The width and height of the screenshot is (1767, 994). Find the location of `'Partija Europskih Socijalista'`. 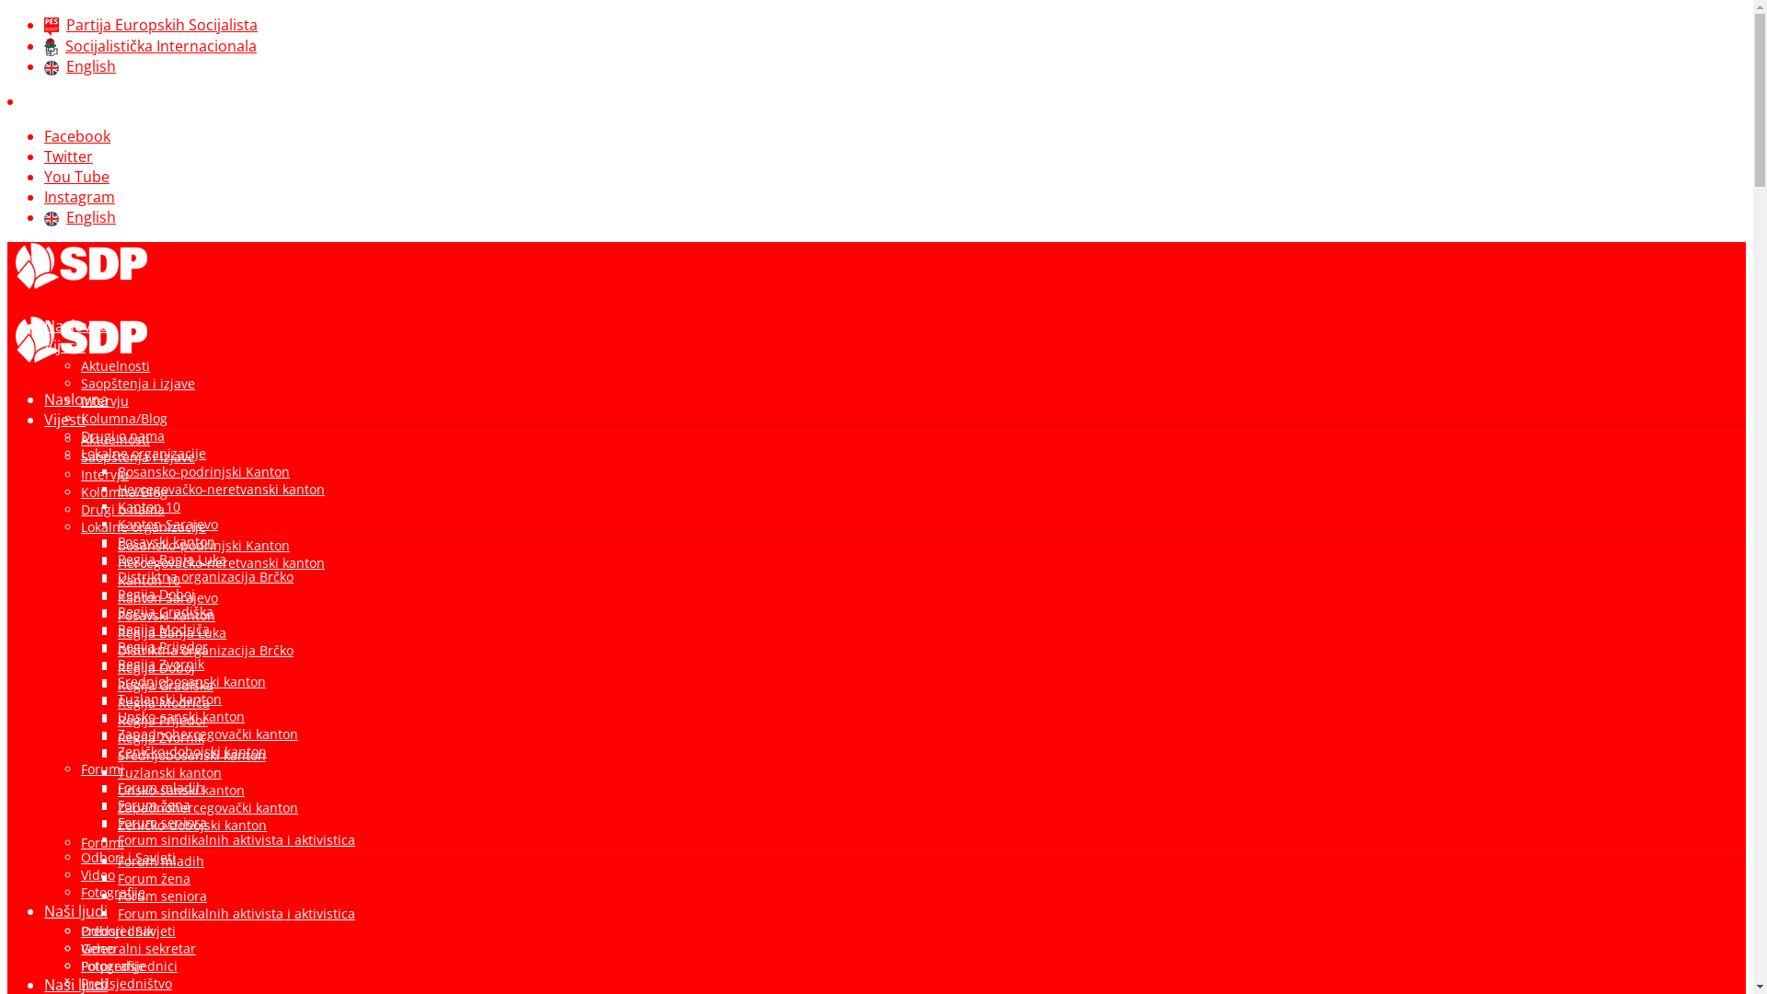

'Partija Europskih Socijalista' is located at coordinates (44, 25).